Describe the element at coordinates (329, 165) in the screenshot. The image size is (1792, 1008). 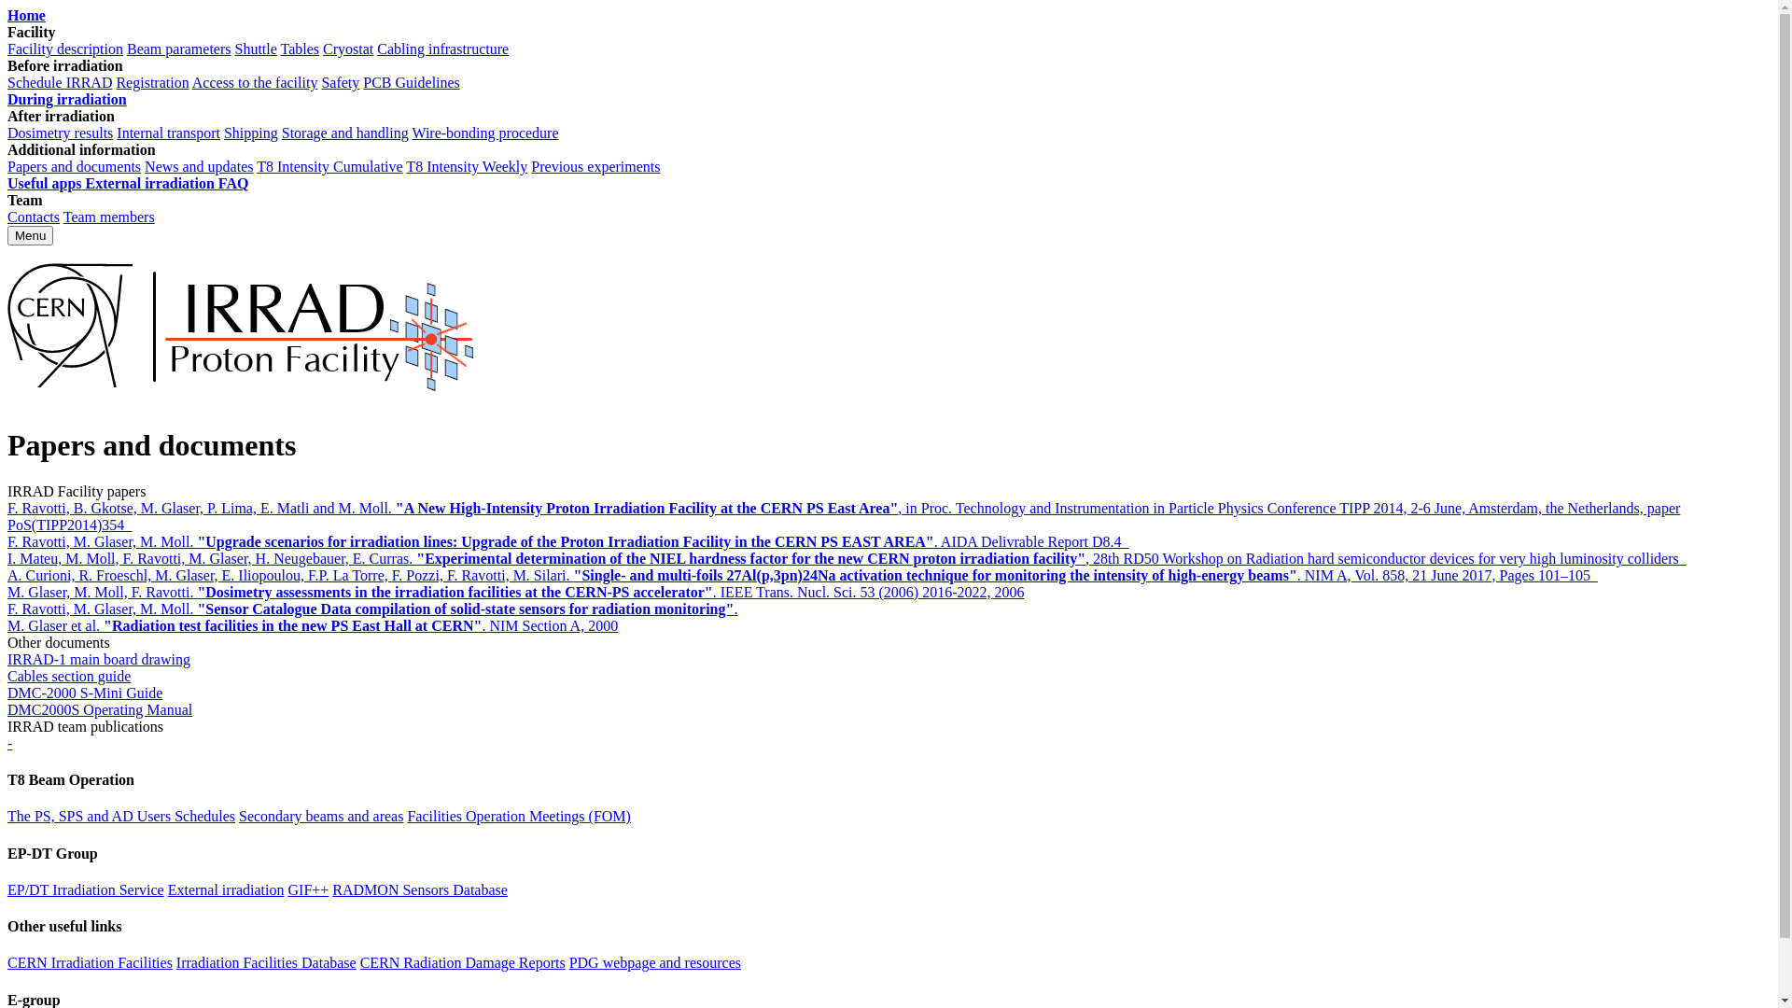
I see `'T8 Intensity Cumulative'` at that location.